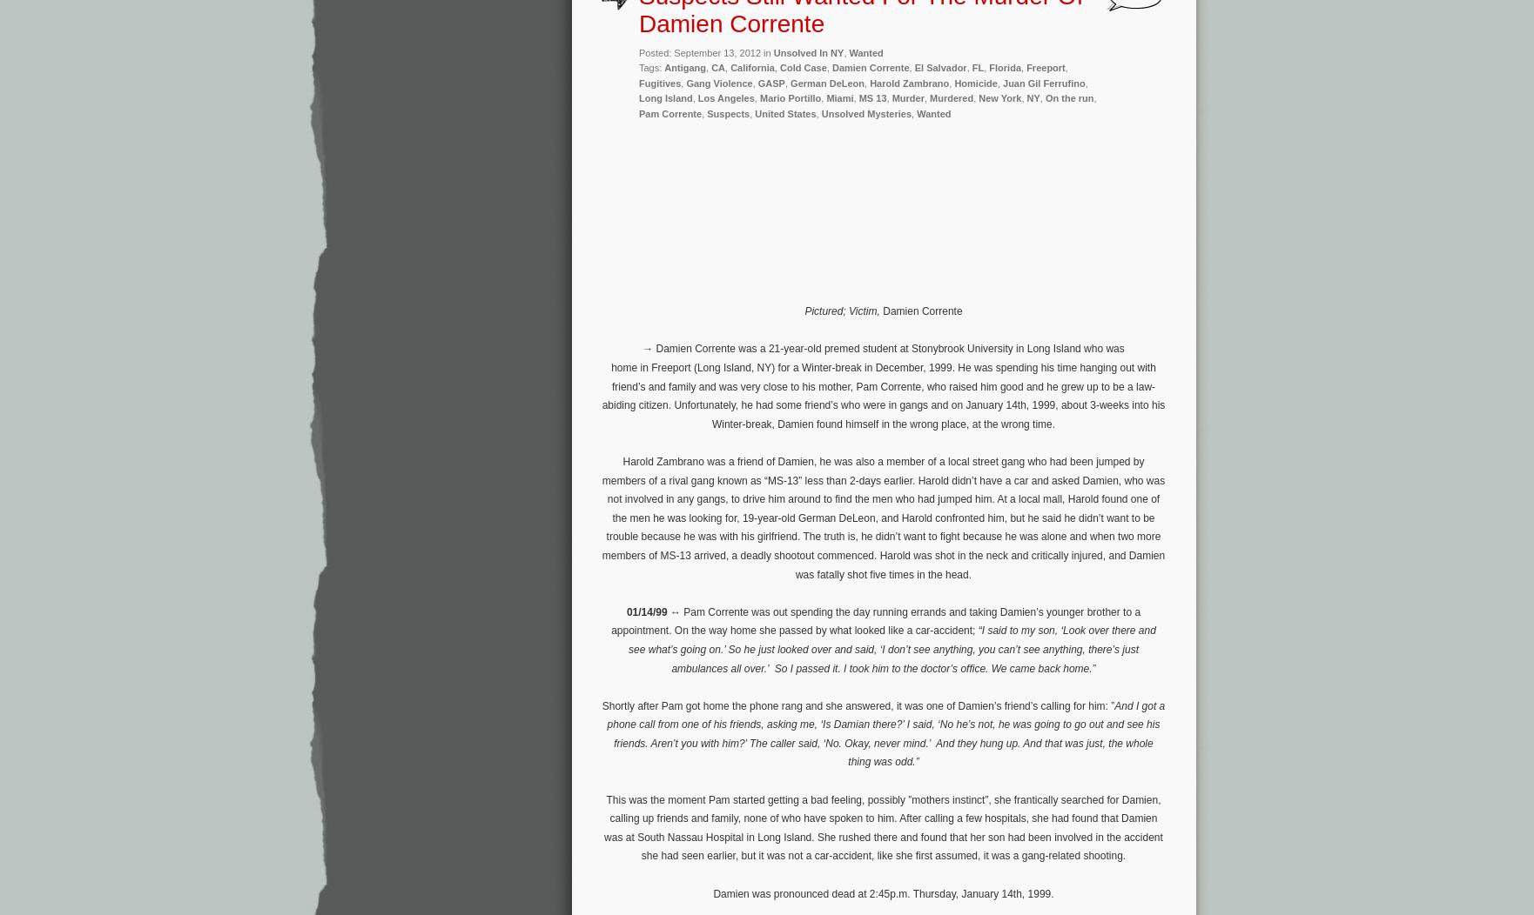 This screenshot has width=1534, height=915. What do you see at coordinates (858, 705) in the screenshot?
I see `'Shortly after Pam got home the phone rang and she answered, it was one of Damien’s friend’s calling for him: ”'` at bounding box center [858, 705].